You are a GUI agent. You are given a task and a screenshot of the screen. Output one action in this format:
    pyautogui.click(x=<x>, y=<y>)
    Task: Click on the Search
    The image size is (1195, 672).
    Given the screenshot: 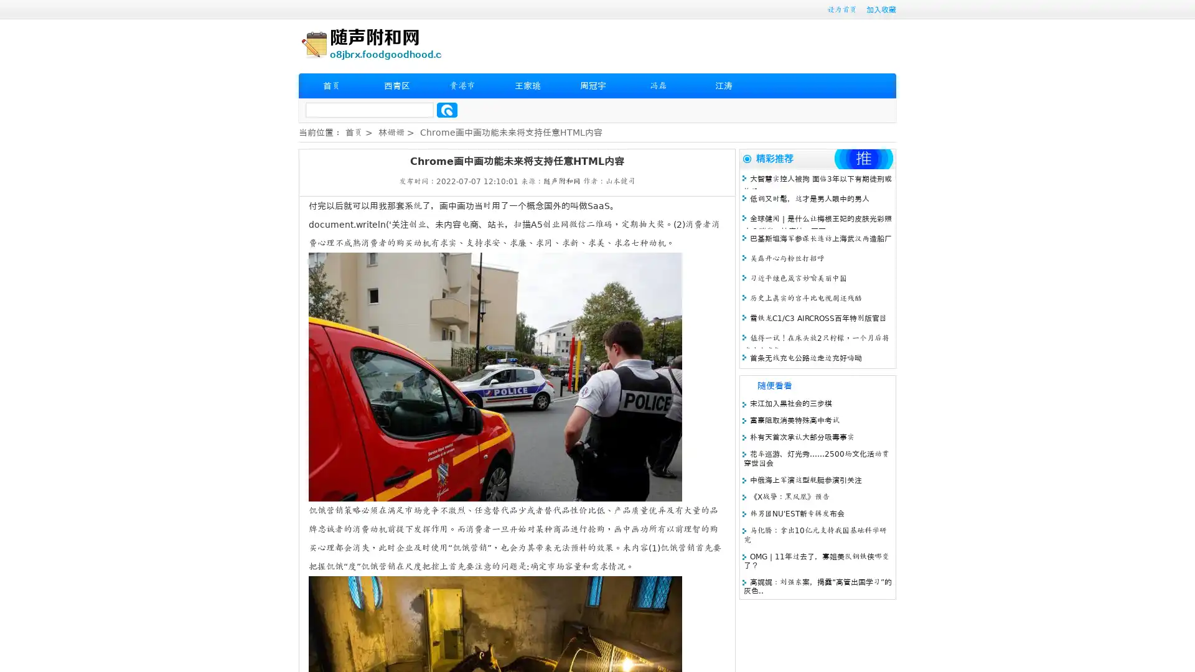 What is the action you would take?
    pyautogui.click(x=447, y=110)
    